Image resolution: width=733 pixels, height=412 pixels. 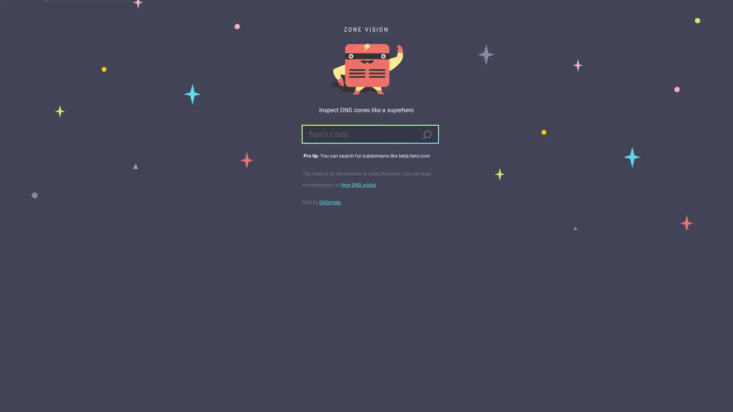 I want to click on Submit, so click(x=426, y=135).